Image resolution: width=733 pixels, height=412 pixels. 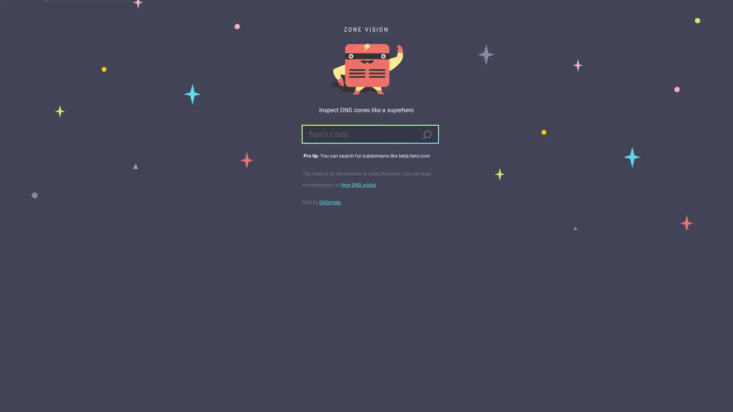 I want to click on Submit, so click(x=426, y=135).